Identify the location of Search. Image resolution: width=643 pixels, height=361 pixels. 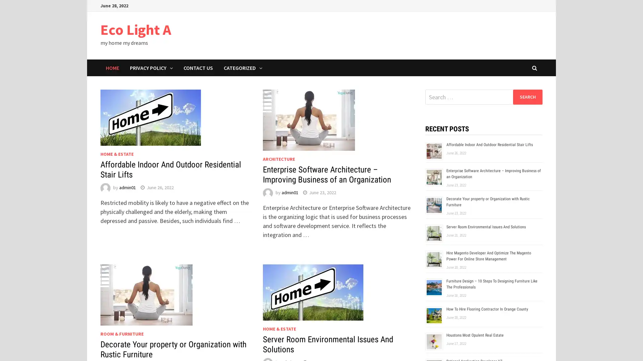
(527, 97).